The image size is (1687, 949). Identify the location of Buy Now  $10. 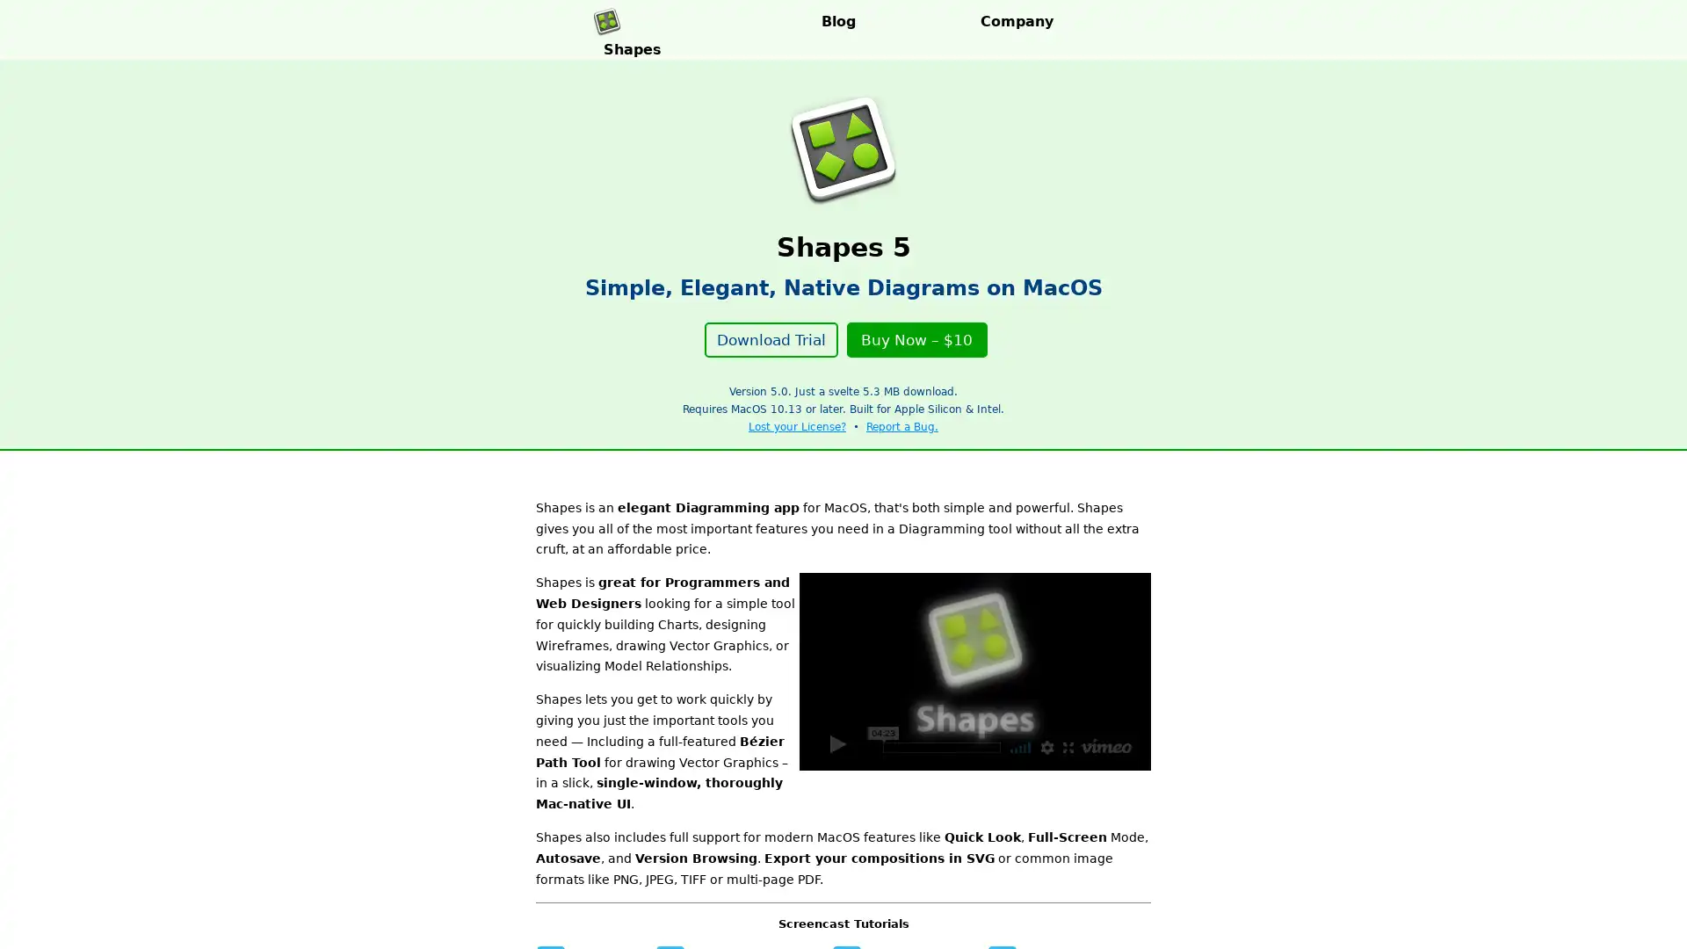
(915, 338).